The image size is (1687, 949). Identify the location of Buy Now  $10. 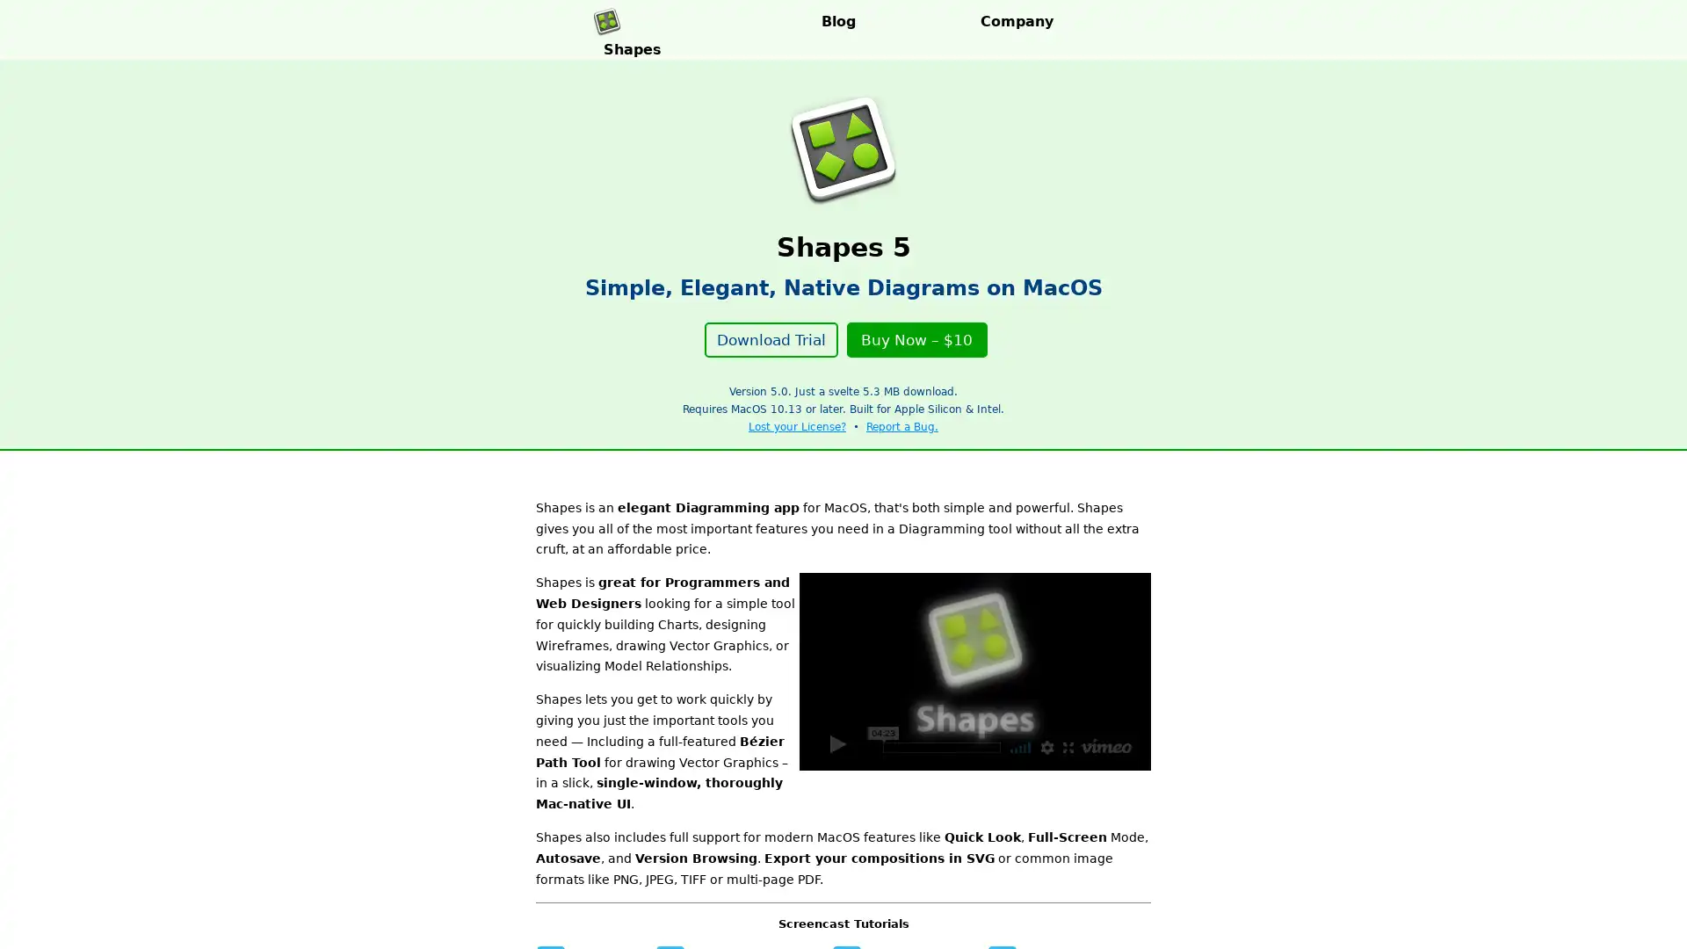
(915, 338).